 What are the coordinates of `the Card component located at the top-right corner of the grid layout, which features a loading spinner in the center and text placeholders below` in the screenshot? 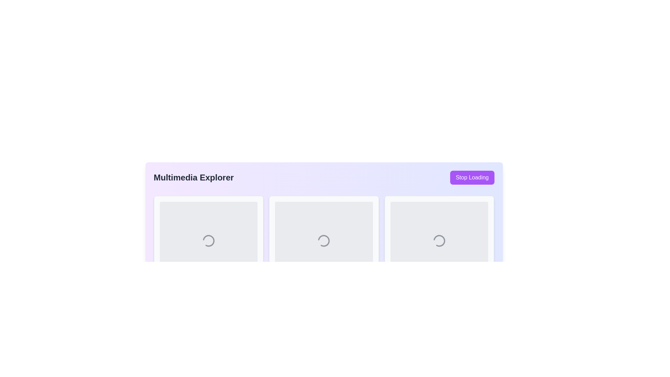 It's located at (439, 250).